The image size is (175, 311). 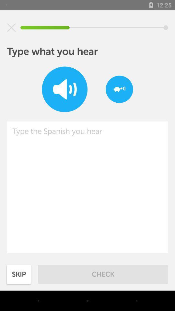 I want to click on input words section, so click(x=87, y=187).